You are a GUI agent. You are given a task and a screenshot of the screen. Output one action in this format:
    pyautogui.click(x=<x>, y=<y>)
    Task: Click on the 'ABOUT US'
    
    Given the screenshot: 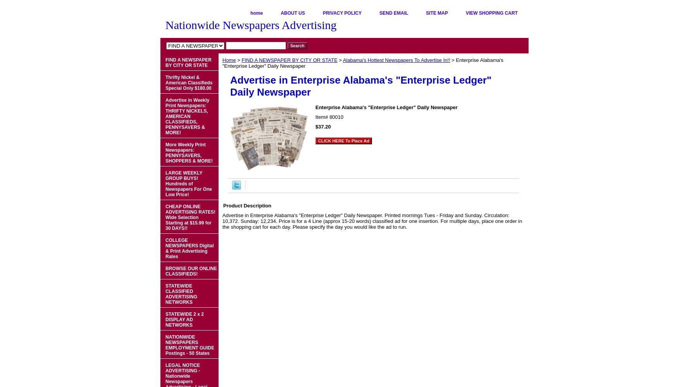 What is the action you would take?
    pyautogui.click(x=292, y=13)
    